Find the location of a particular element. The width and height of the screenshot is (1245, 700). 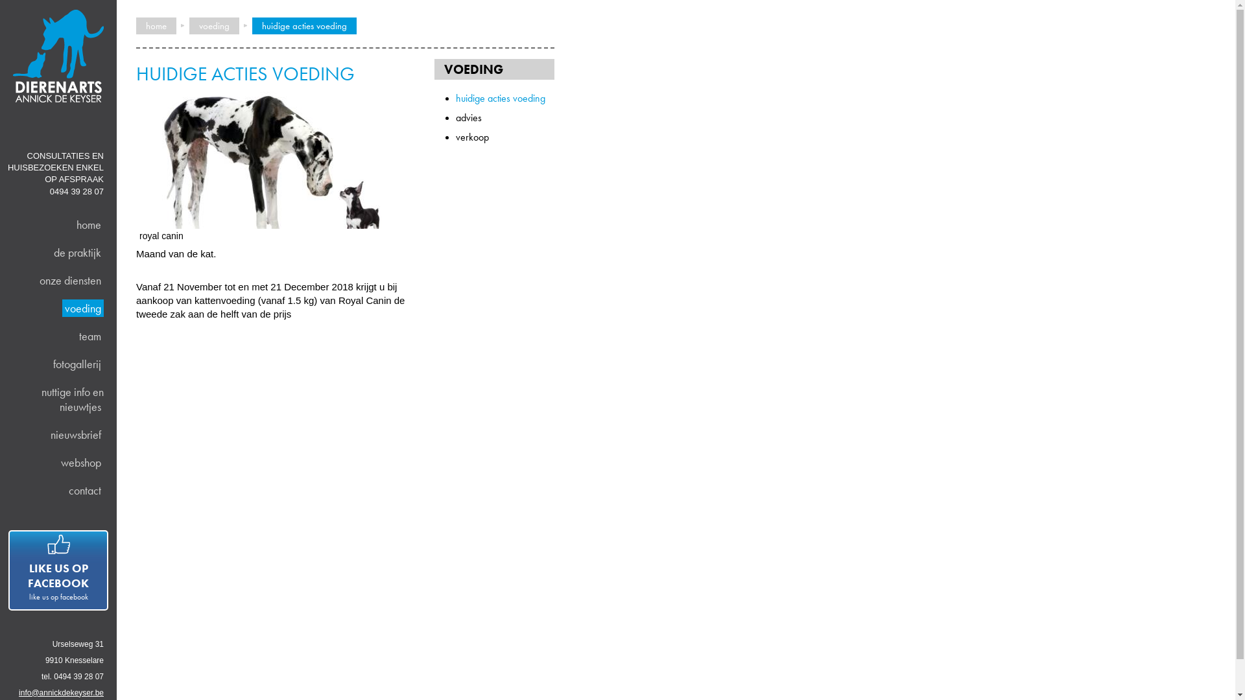

'verkoop' is located at coordinates (471, 137).